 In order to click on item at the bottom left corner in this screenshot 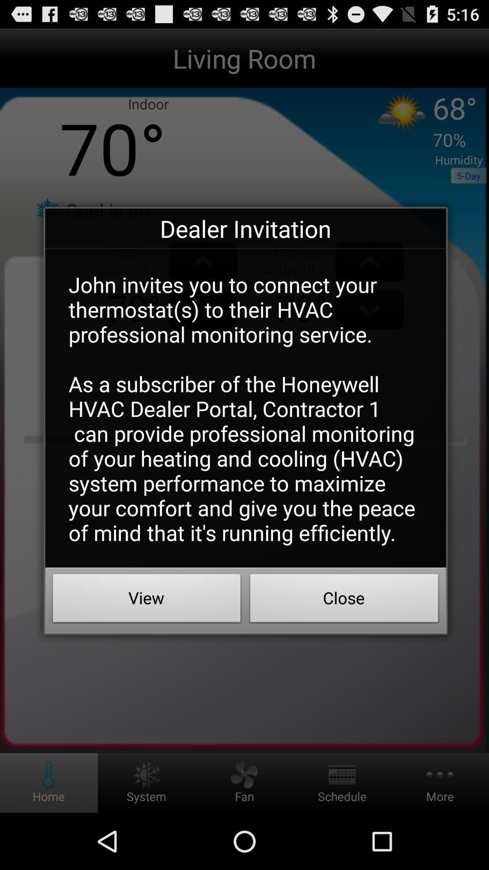, I will do `click(146, 600)`.